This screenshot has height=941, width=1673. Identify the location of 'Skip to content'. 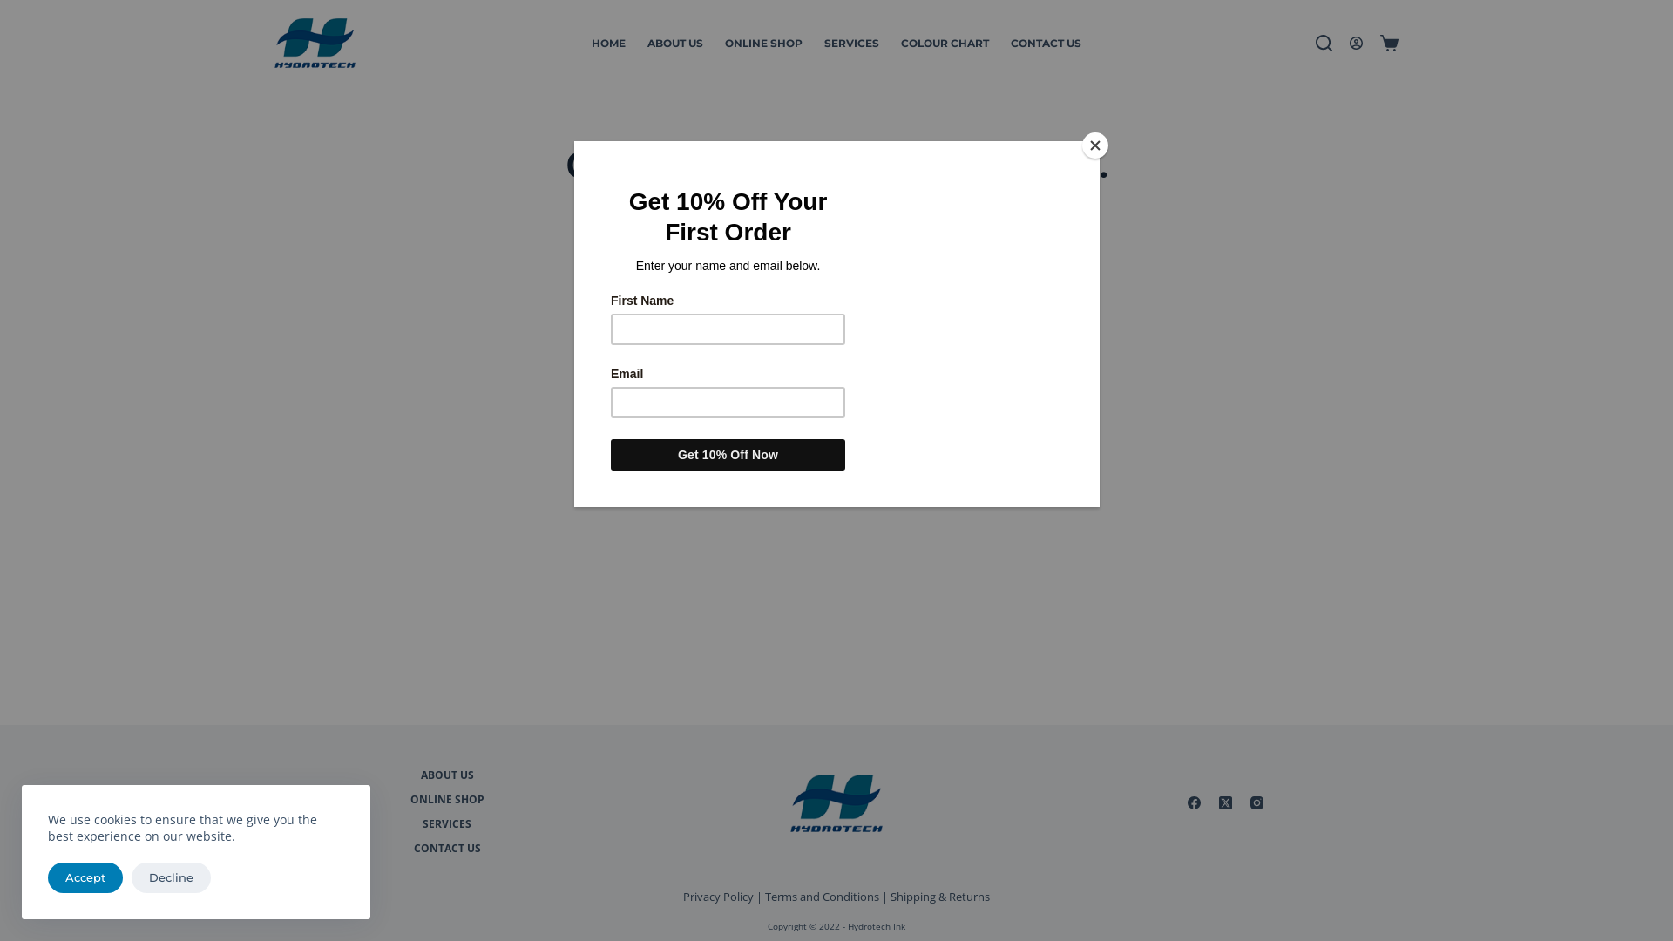
(17, 9).